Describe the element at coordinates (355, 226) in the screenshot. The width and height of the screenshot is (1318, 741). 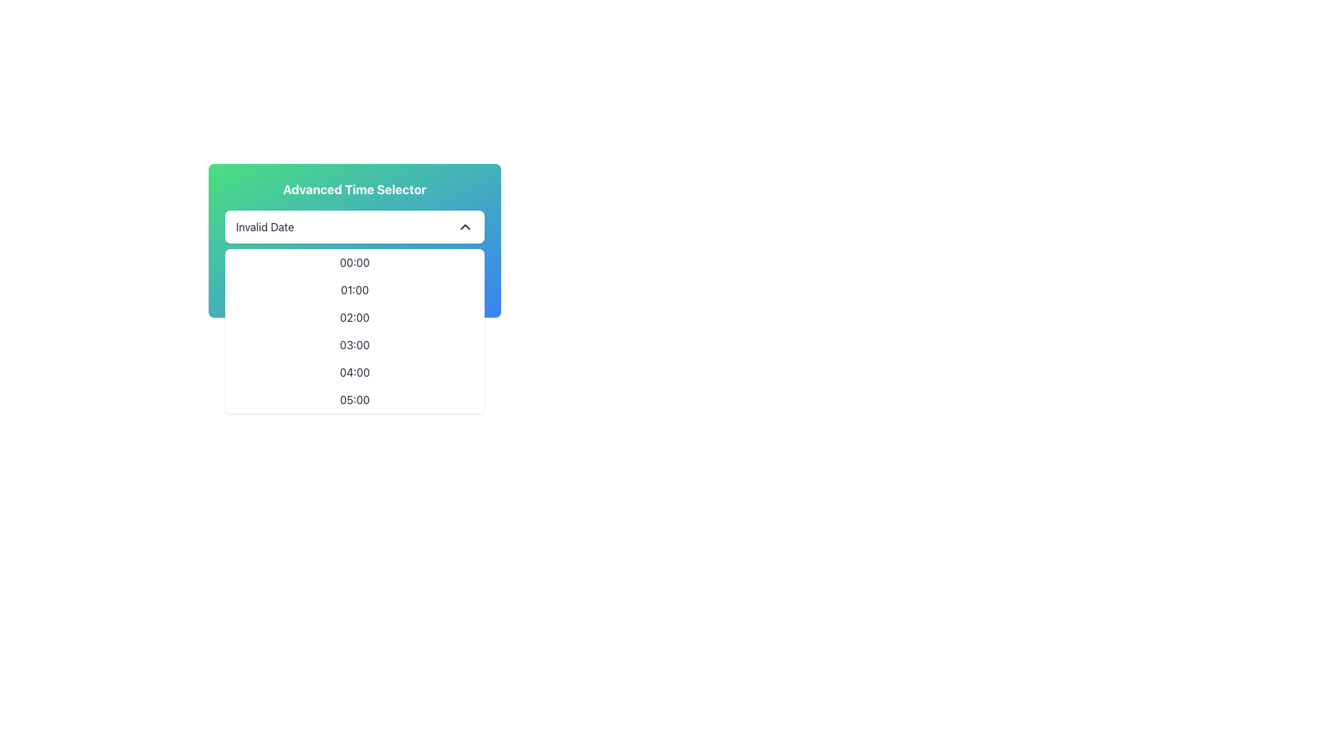
I see `the dropdown menu located below the title 'Advanced Time Selector', which allows users to select a time or date from a list` at that location.